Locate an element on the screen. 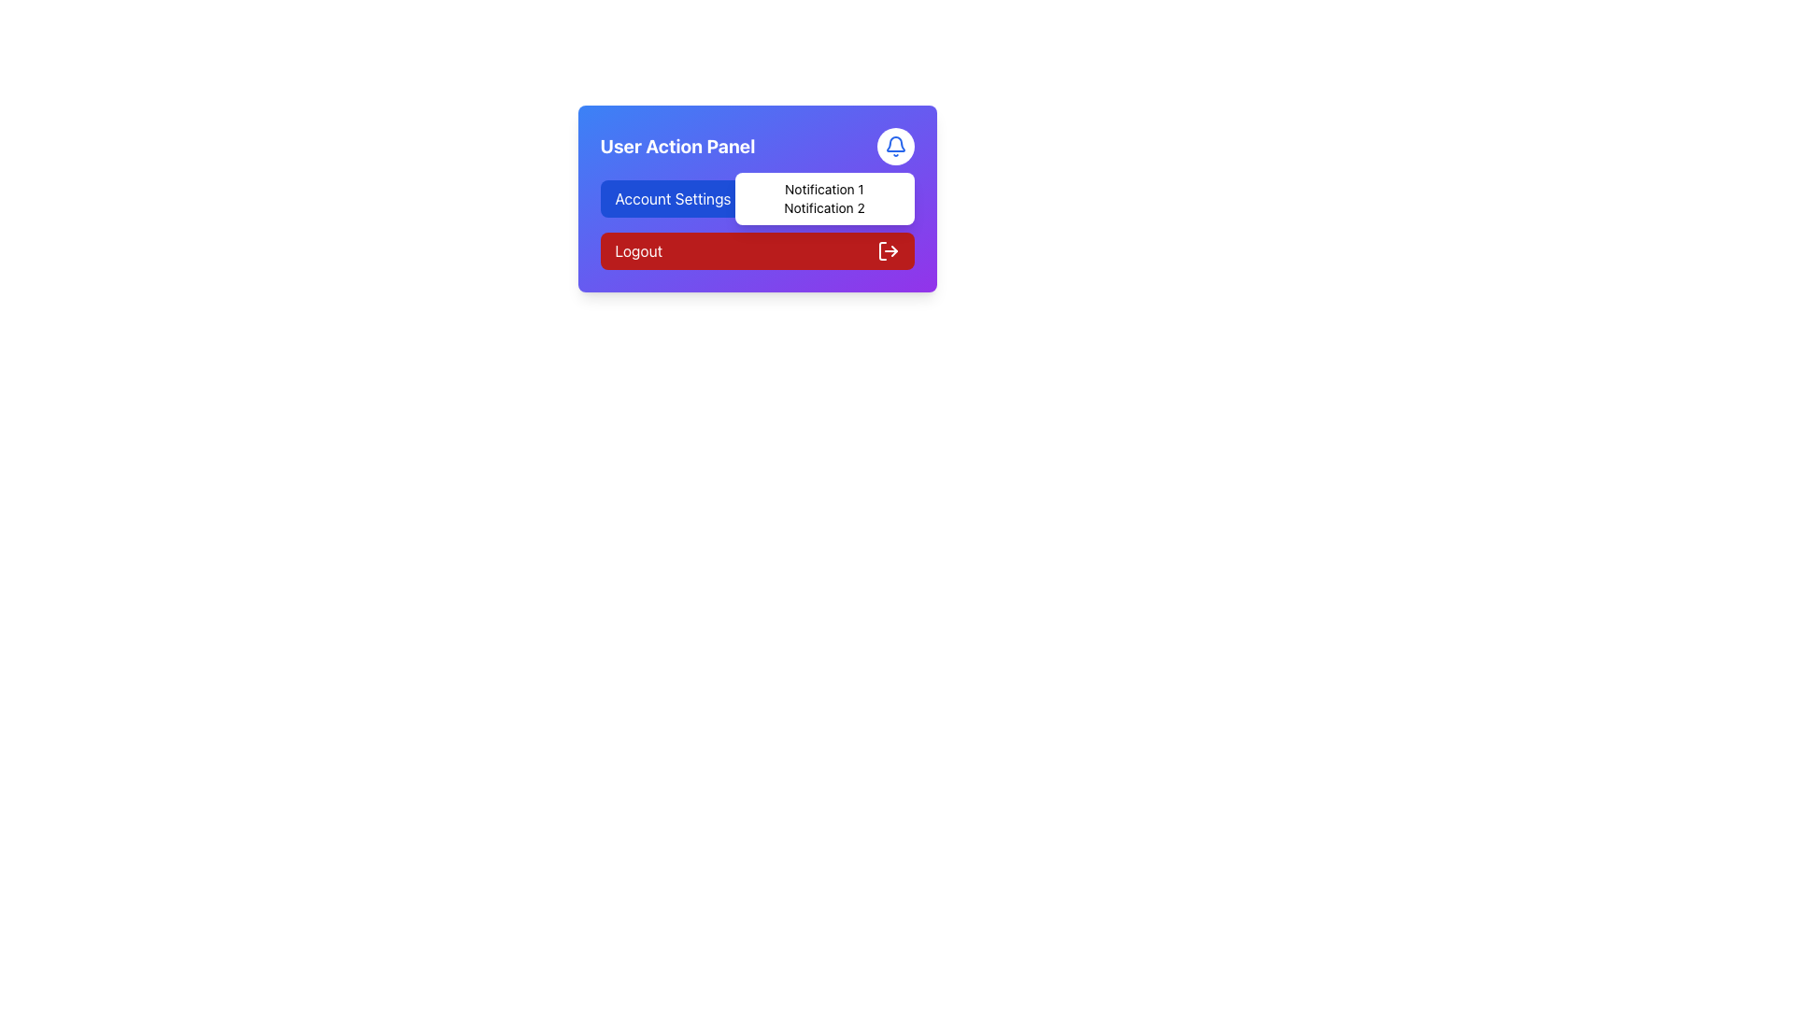 The height and width of the screenshot is (1009, 1794). the dropdown menu located below the notification icon in the main user action panel is located at coordinates (823, 198).